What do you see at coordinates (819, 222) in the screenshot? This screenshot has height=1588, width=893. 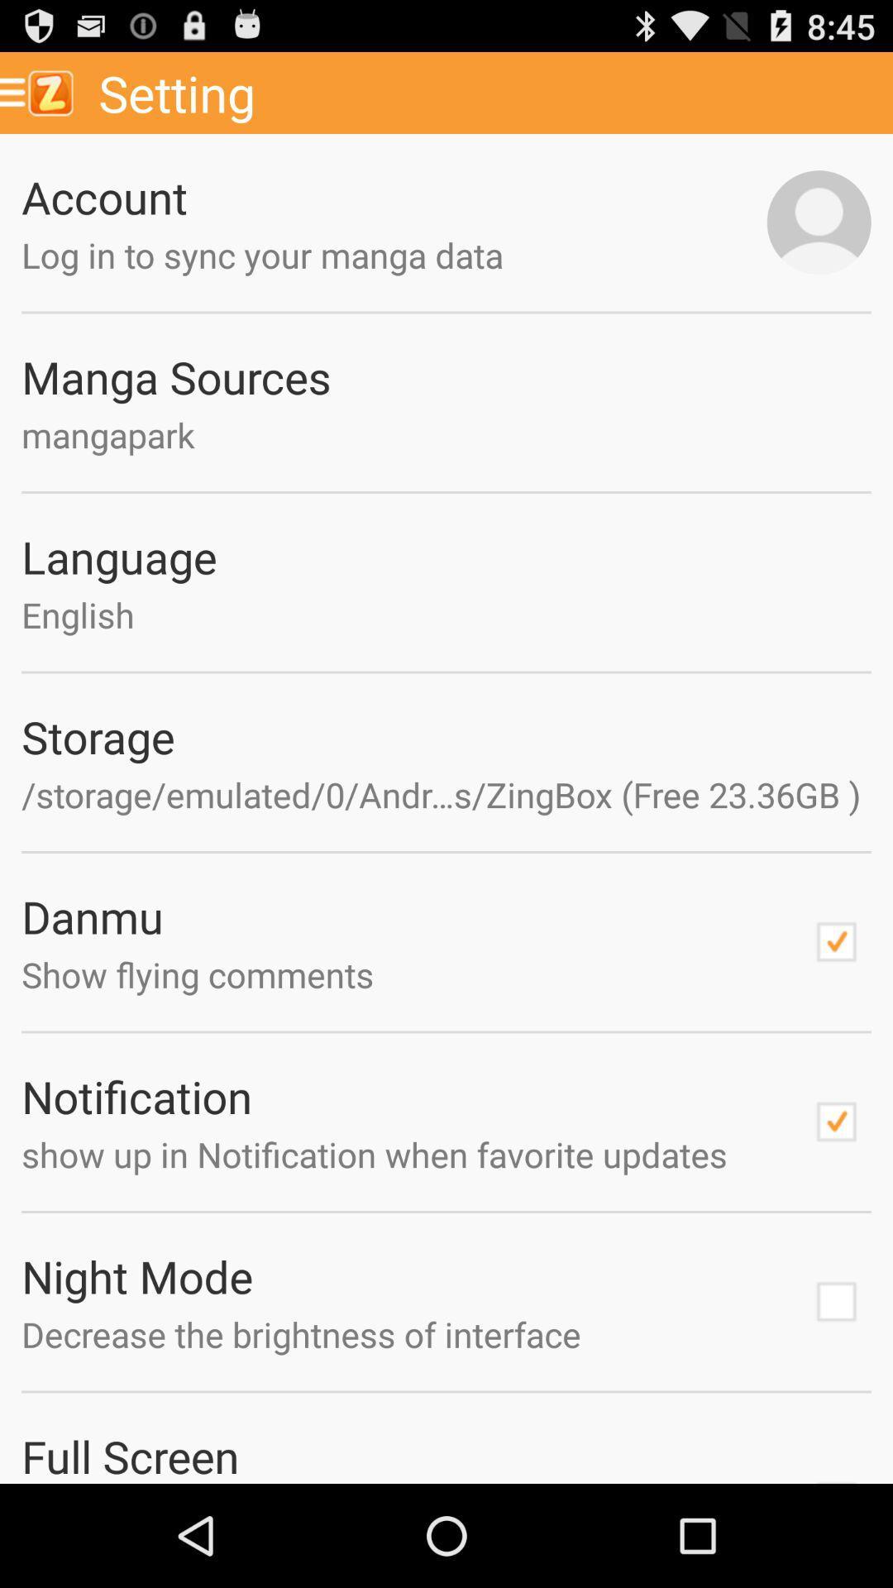 I see `account details` at bounding box center [819, 222].